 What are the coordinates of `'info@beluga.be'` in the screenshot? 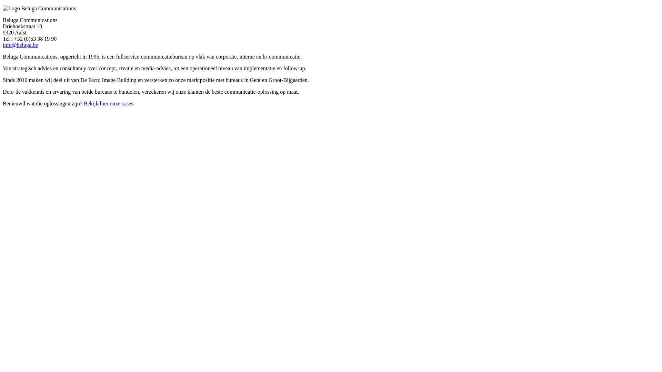 It's located at (20, 45).